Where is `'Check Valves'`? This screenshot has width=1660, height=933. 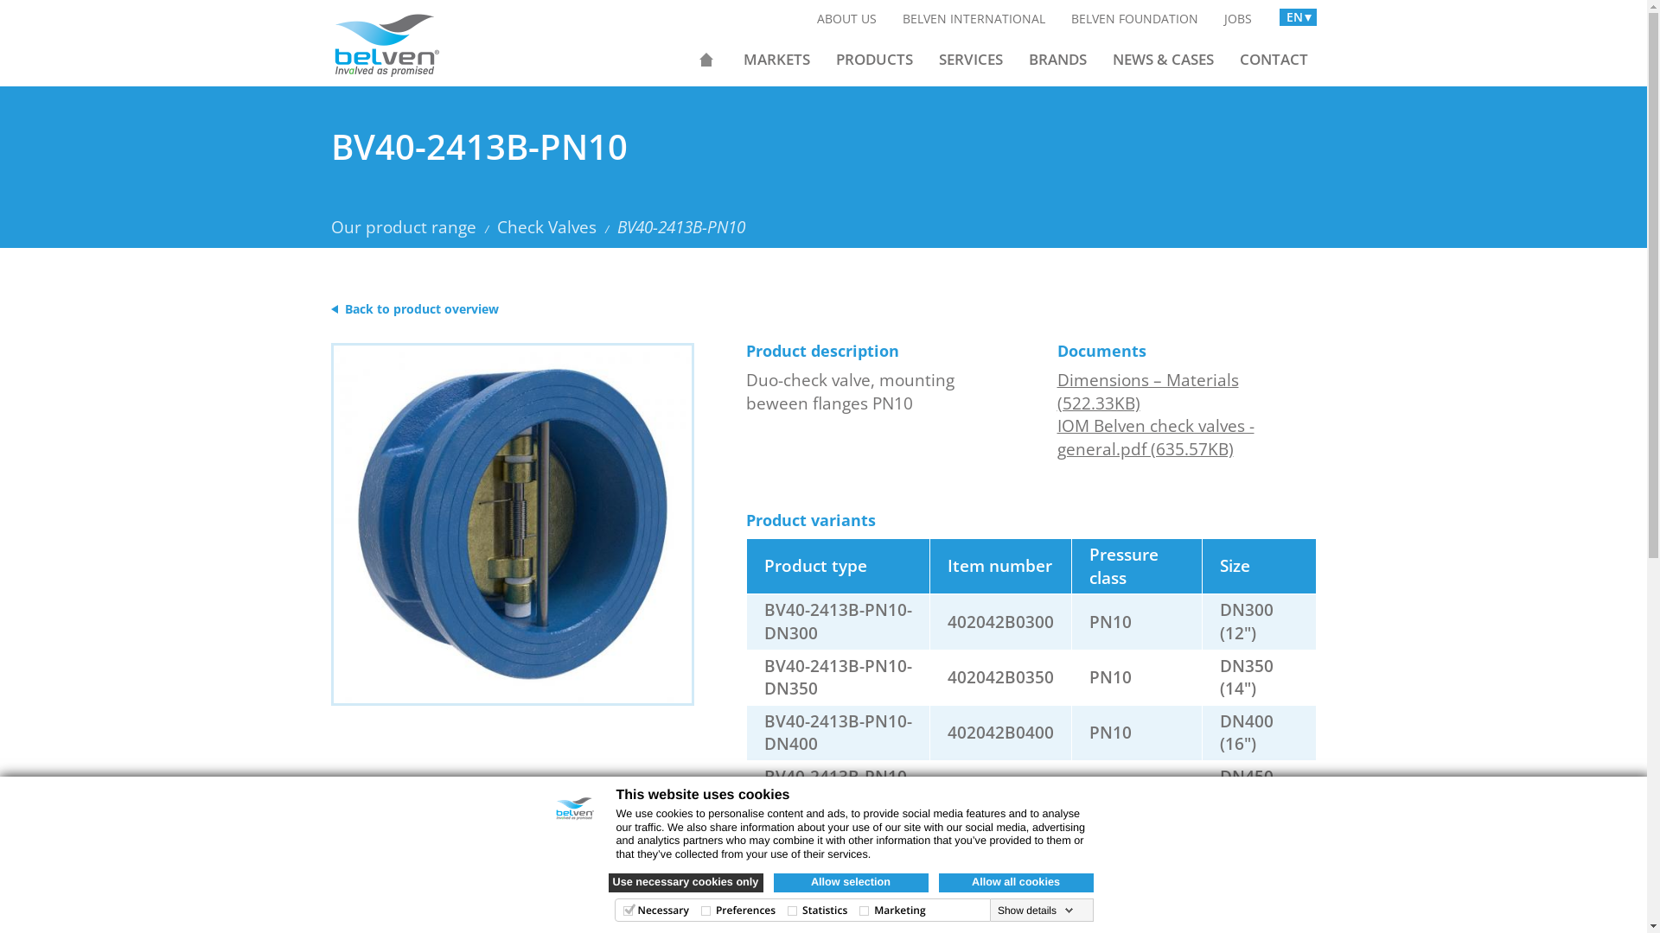 'Check Valves' is located at coordinates (545, 225).